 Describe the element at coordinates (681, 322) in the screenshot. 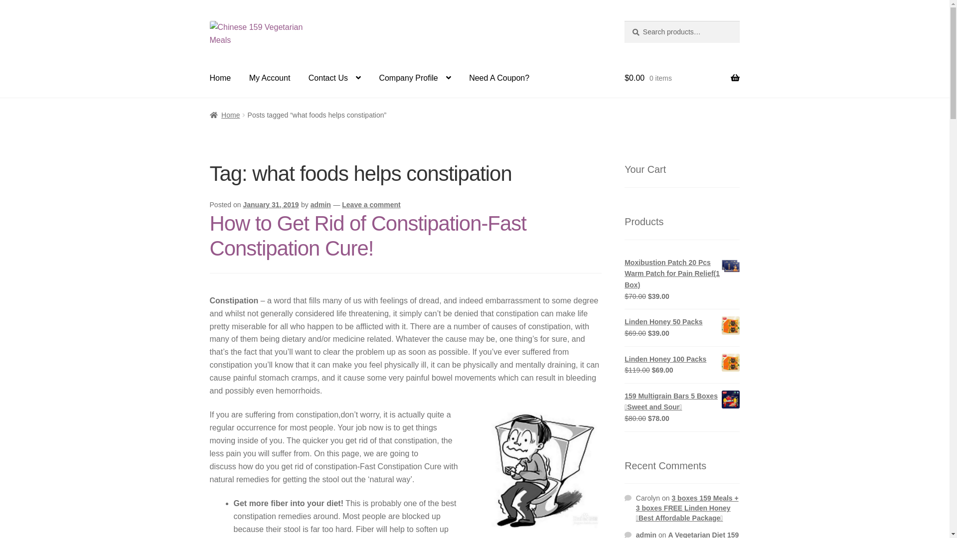

I see `'Linden Honey 50 Packs'` at that location.